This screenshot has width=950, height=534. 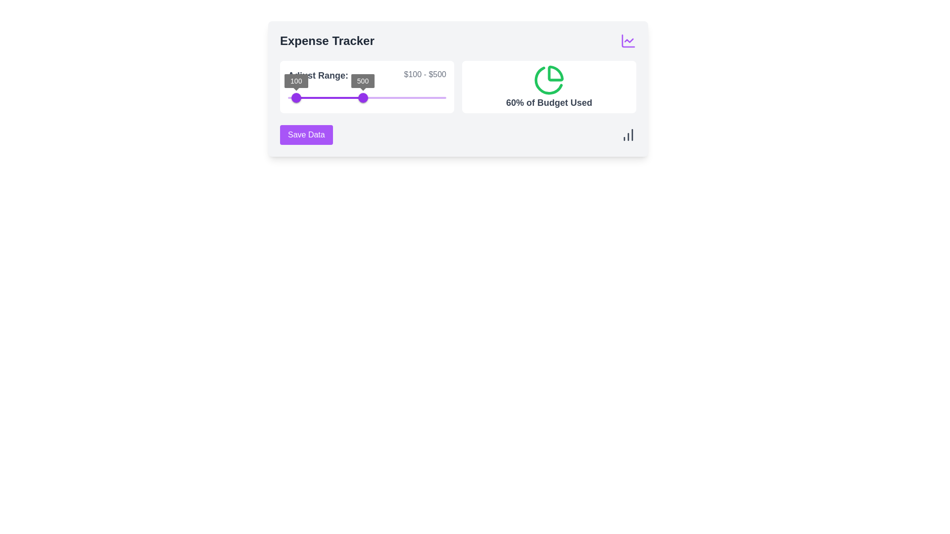 What do you see at coordinates (367, 87) in the screenshot?
I see `and drag the handles of the Range Slider located in the left section of the grid layout to adjust the numeric range between $100 and $500` at bounding box center [367, 87].